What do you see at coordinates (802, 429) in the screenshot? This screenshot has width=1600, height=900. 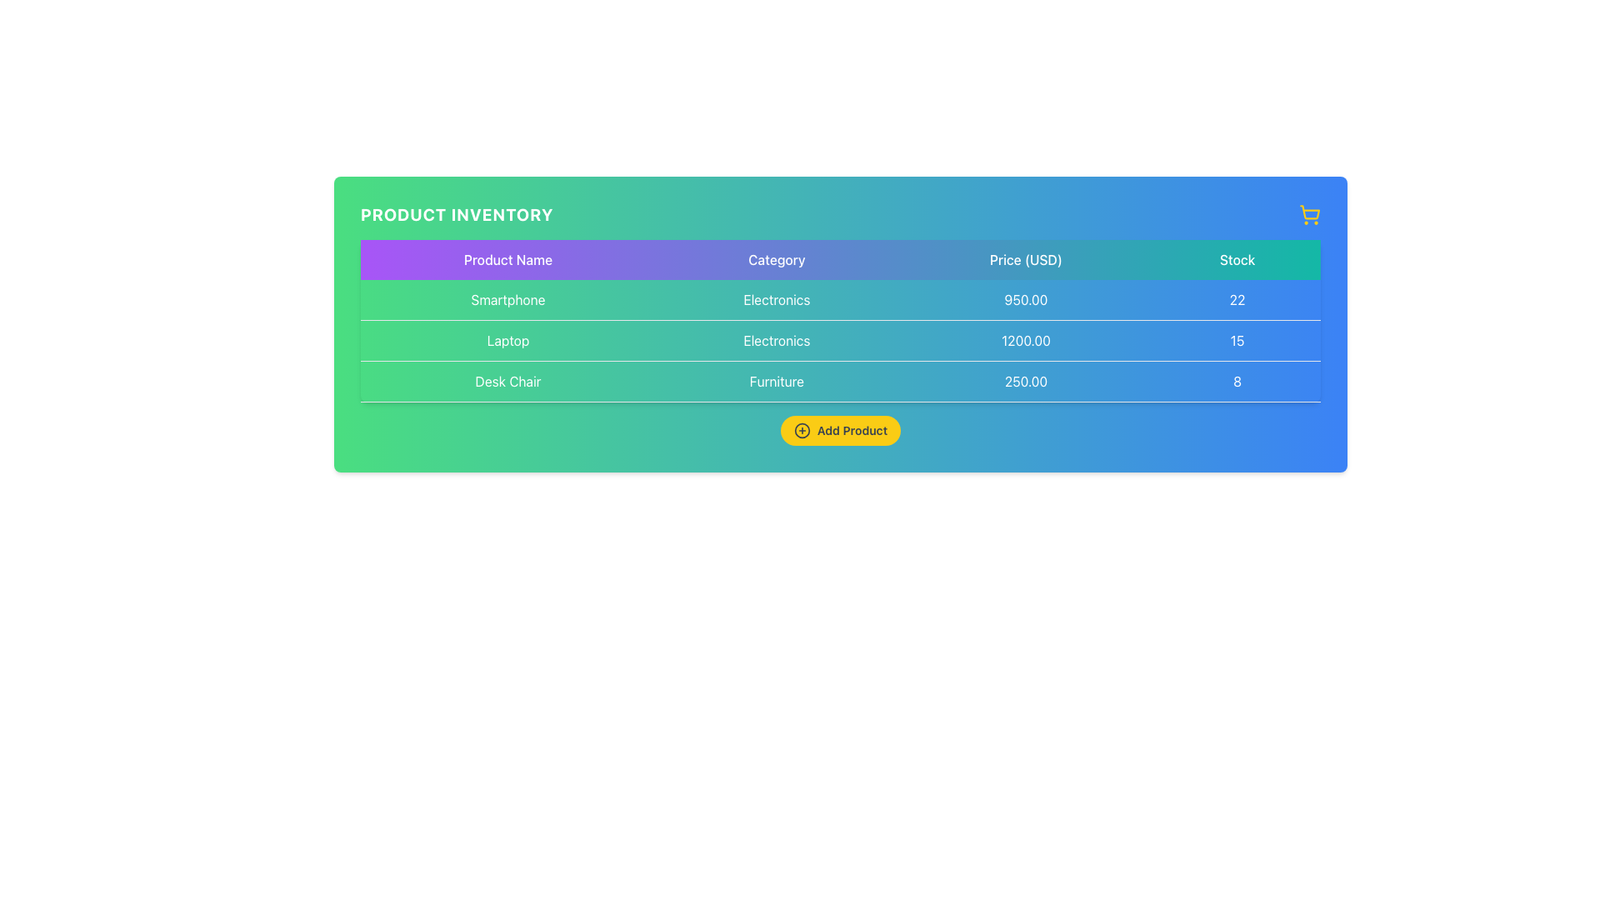 I see `the circular icon with a '+' symbol at the center of the yellow 'Add Product' button` at bounding box center [802, 429].